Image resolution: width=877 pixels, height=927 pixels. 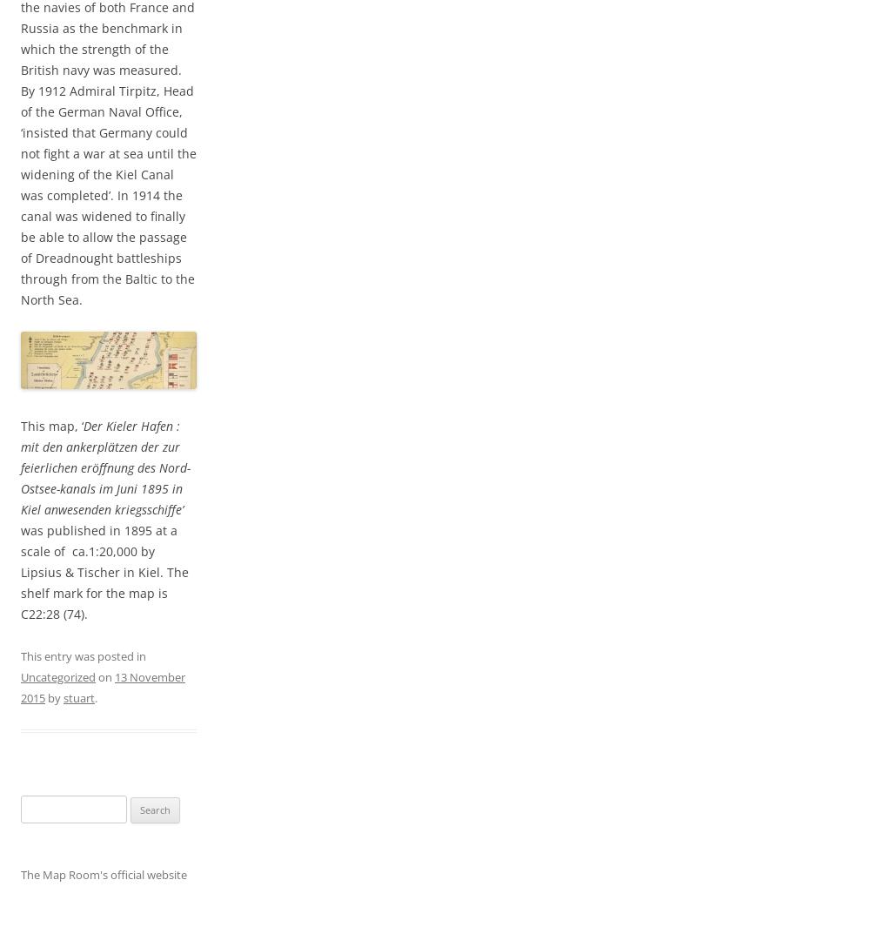 I want to click on 'This entry was posted in', so click(x=83, y=656).